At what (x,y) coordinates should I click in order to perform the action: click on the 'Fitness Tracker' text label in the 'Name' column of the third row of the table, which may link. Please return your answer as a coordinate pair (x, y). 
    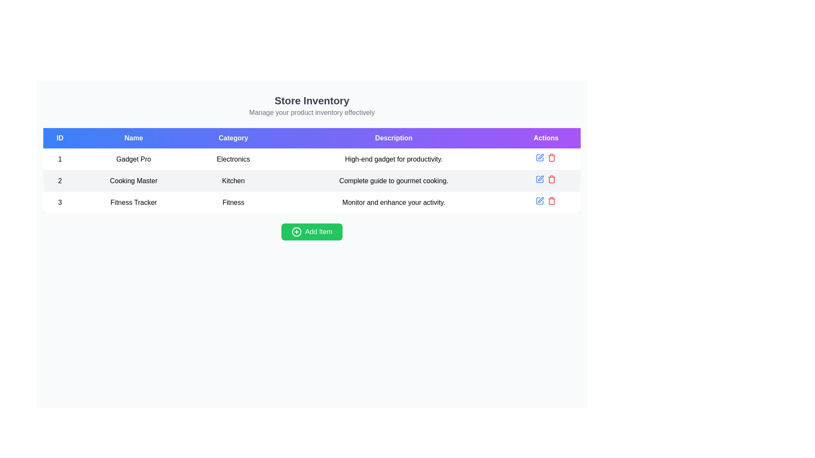
    Looking at the image, I should click on (133, 202).